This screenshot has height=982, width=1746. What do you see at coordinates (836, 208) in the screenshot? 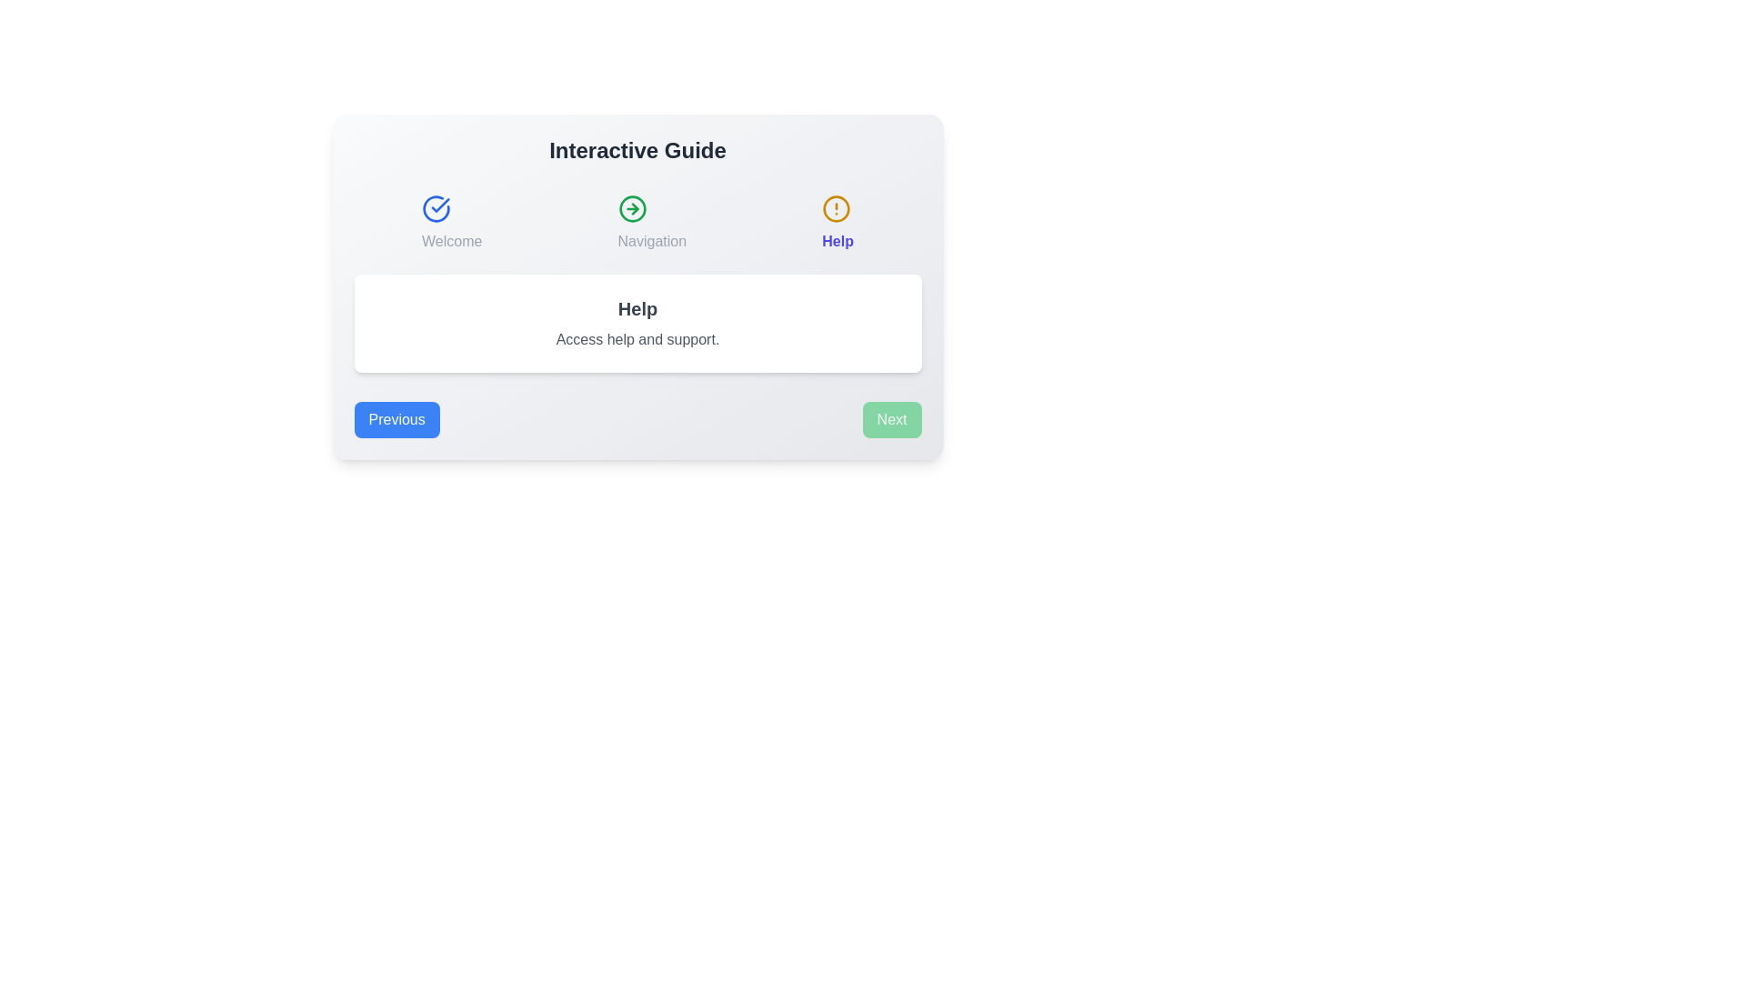
I see `the 'Help' icon's circular part located on the right-hand side of the top section of the 'Interactive Guide' interface, which has a yellow outline` at bounding box center [836, 208].